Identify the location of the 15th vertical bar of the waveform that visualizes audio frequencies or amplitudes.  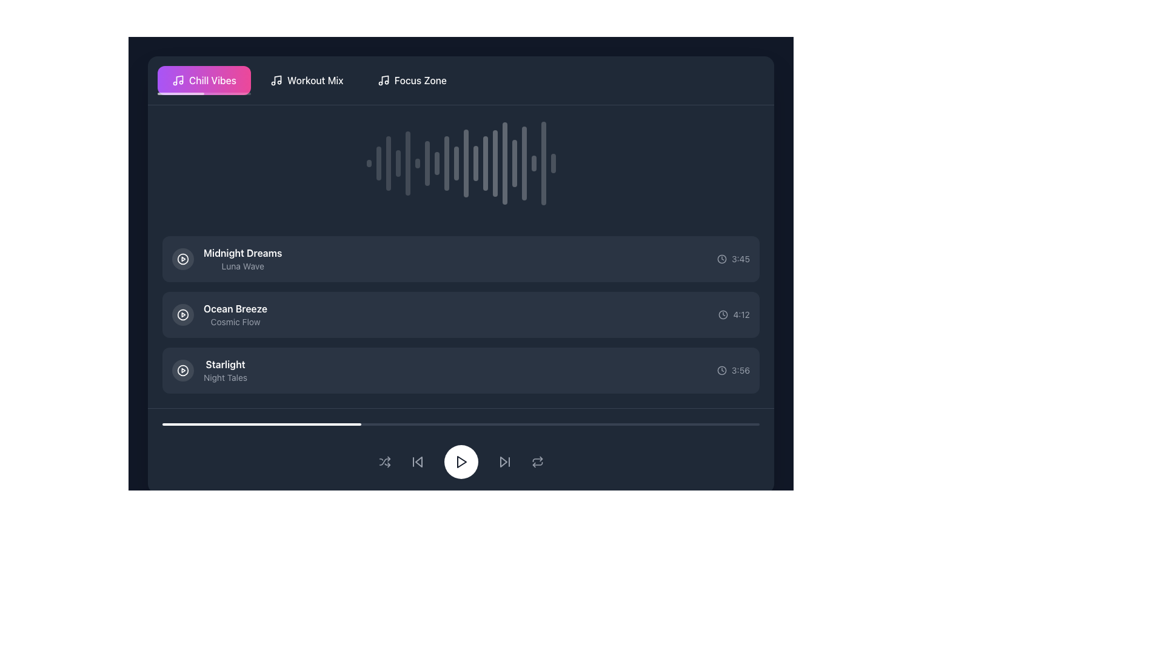
(504, 163).